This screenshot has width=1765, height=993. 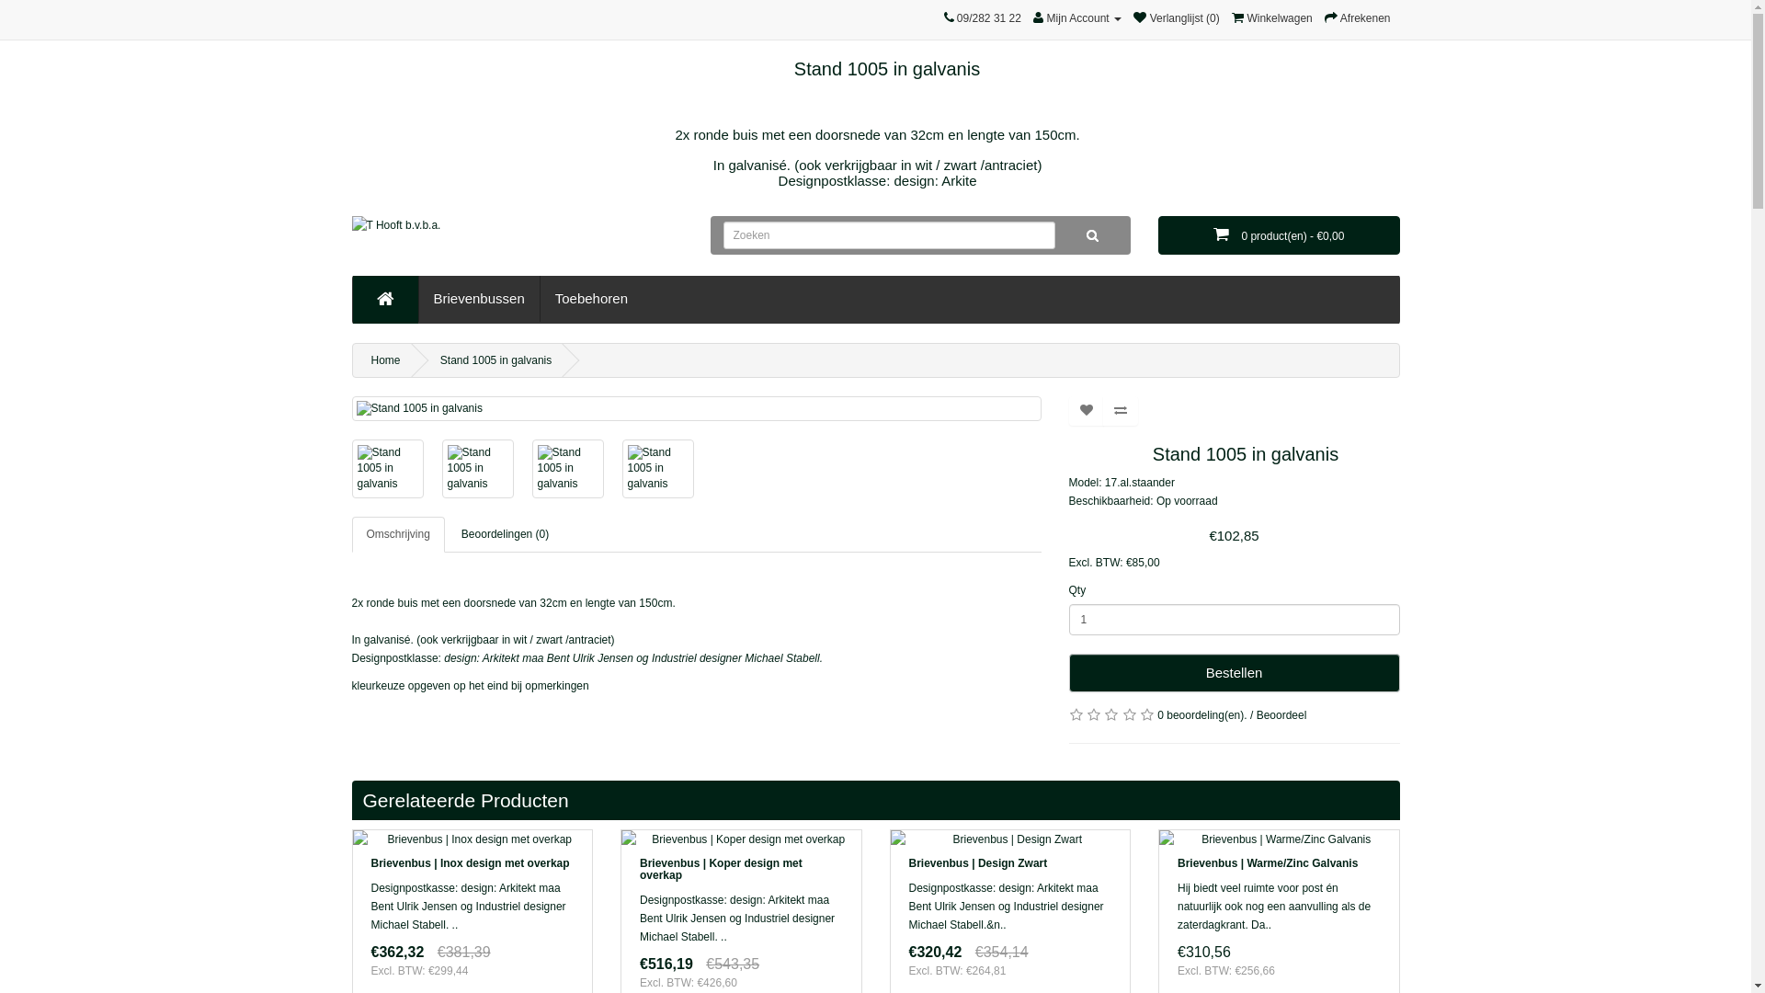 I want to click on 'Winkelwagen', so click(x=1231, y=17).